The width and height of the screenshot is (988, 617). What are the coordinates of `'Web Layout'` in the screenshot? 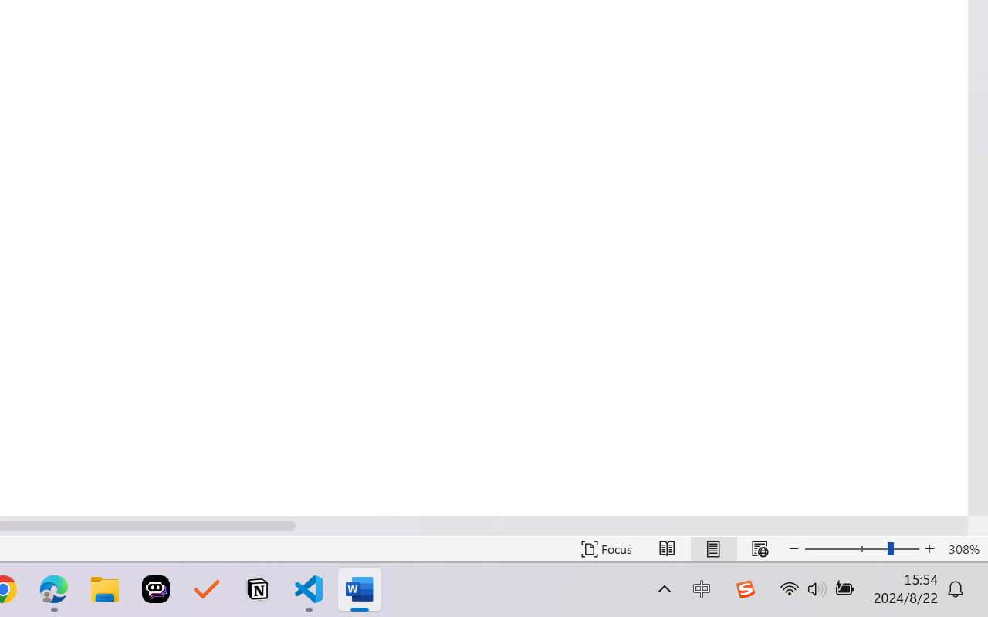 It's located at (760, 548).